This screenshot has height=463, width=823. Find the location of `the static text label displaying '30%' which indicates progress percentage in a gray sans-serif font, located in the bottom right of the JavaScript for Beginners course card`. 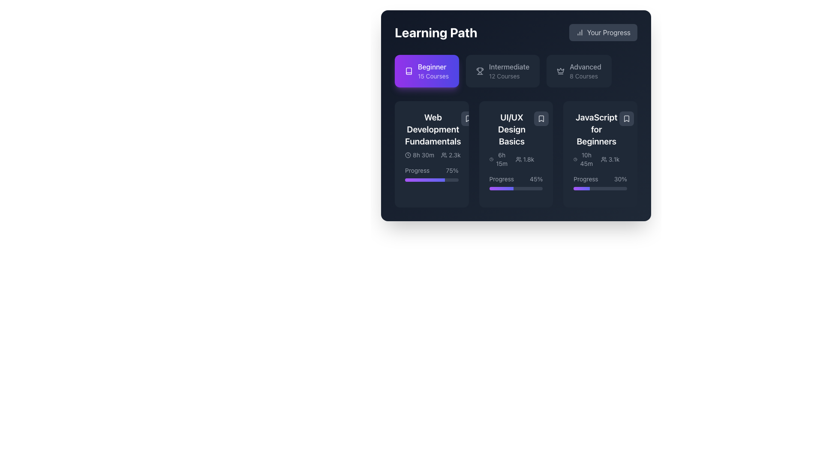

the static text label displaying '30%' which indicates progress percentage in a gray sans-serif font, located in the bottom right of the JavaScript for Beginners course card is located at coordinates (620, 178).